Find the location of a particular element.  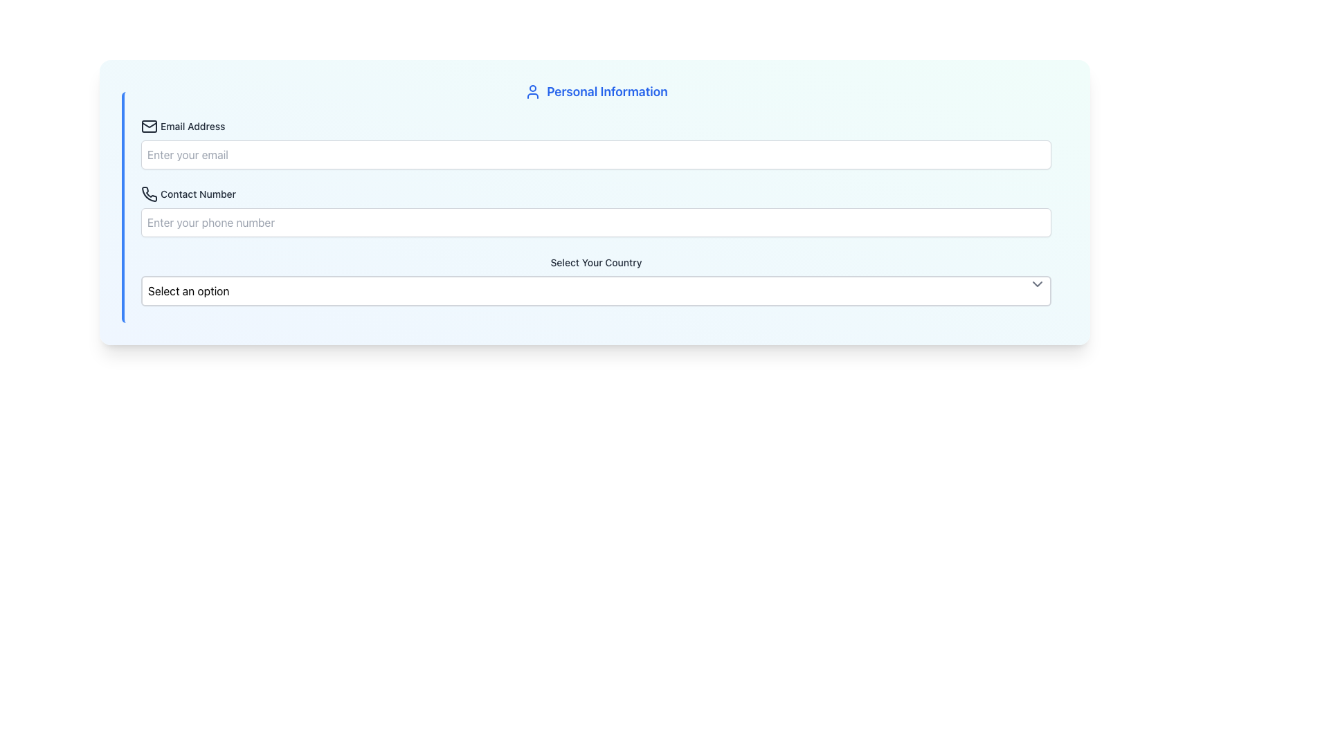

the descriptive text label located above the dropdown menu, indicating its purpose to the user is located at coordinates (596, 262).